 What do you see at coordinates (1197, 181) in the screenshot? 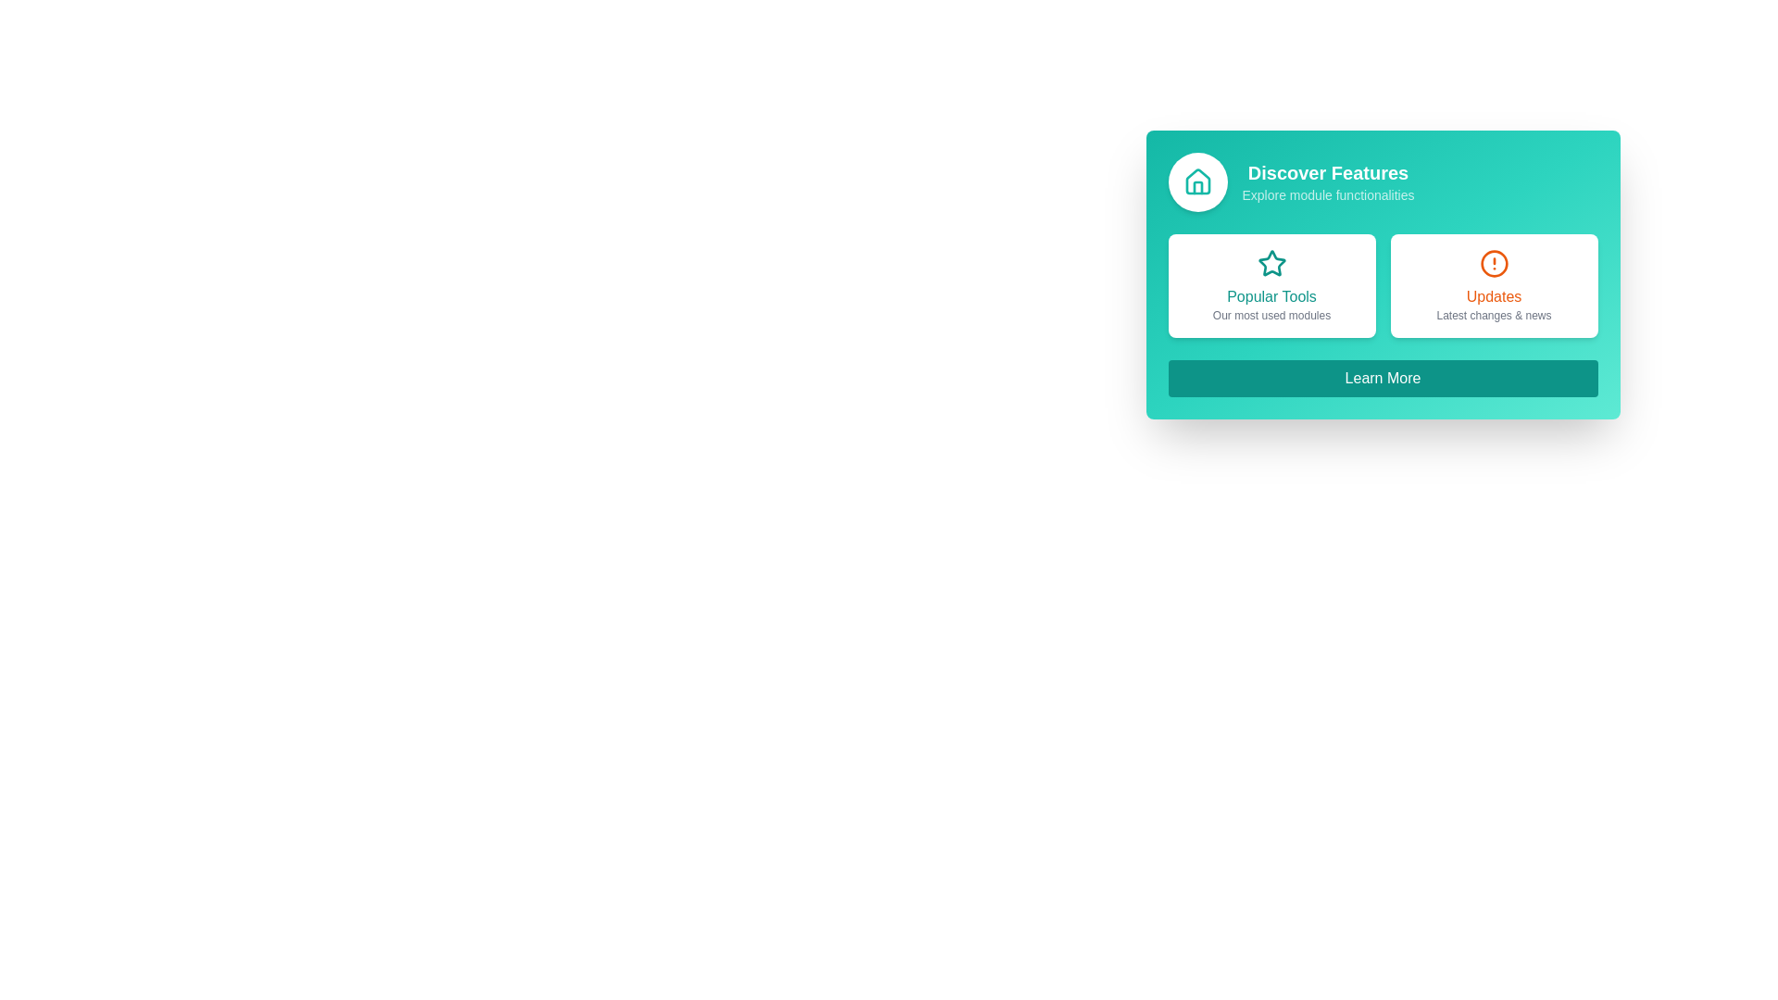
I see `the circular icon button with a white background and teal house outline, positioned to the left of the 'Discover Features' text` at bounding box center [1197, 181].